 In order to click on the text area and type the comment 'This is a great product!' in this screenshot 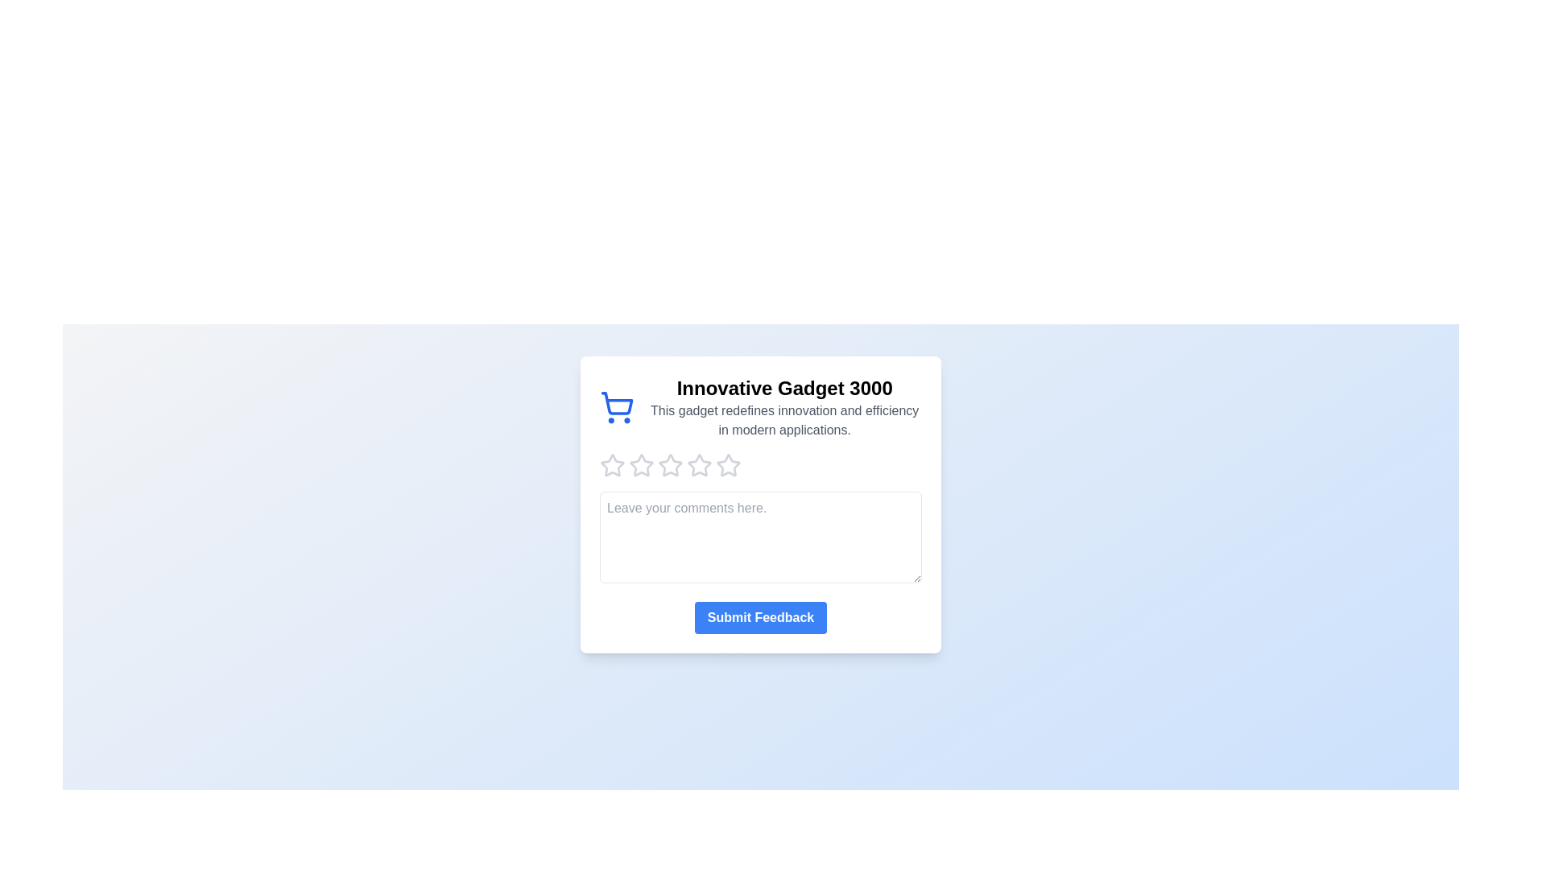, I will do `click(760, 537)`.